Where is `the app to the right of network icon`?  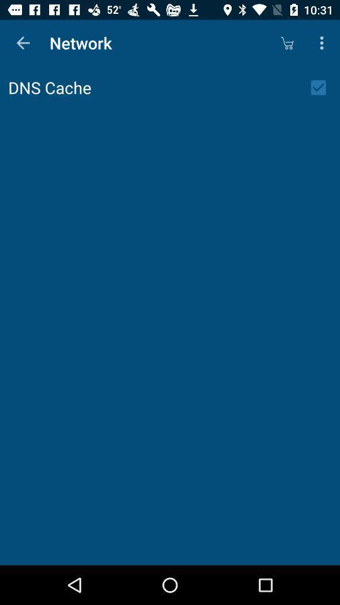
the app to the right of network icon is located at coordinates (286, 43).